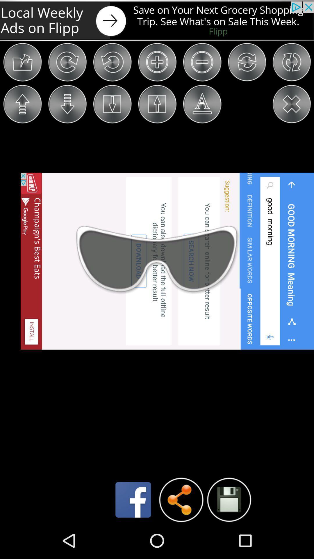 The width and height of the screenshot is (314, 559). Describe the element at coordinates (112, 104) in the screenshot. I see `the third downward arrow icon in the second row` at that location.